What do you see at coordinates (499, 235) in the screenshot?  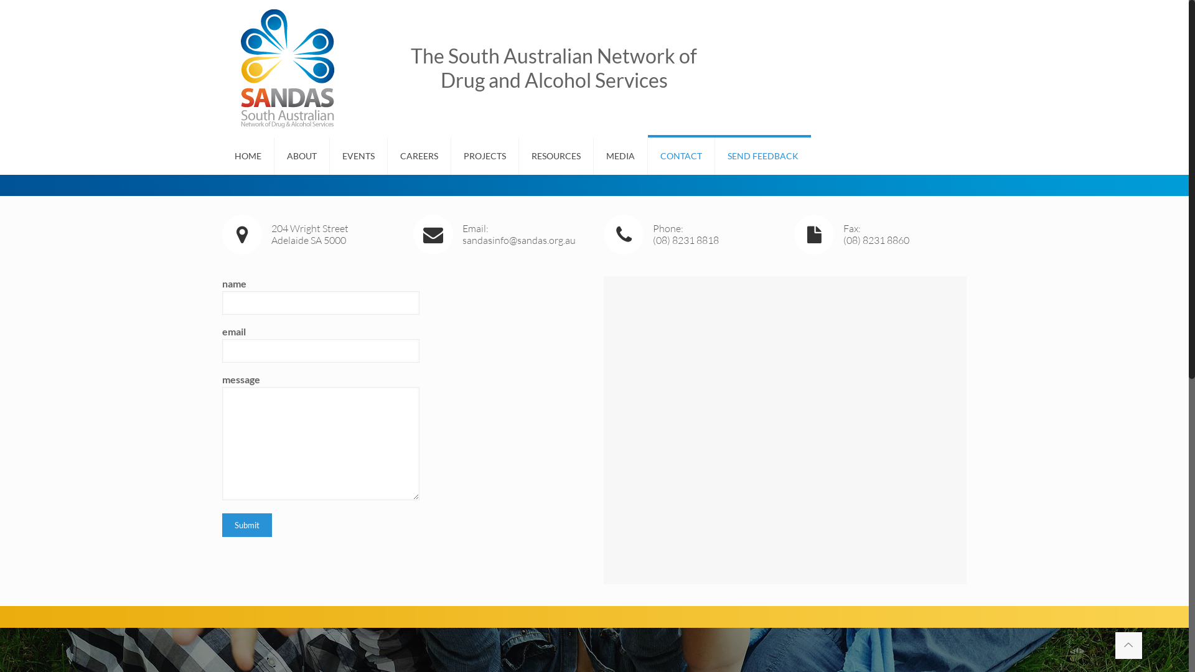 I see `'Email:` at bounding box center [499, 235].